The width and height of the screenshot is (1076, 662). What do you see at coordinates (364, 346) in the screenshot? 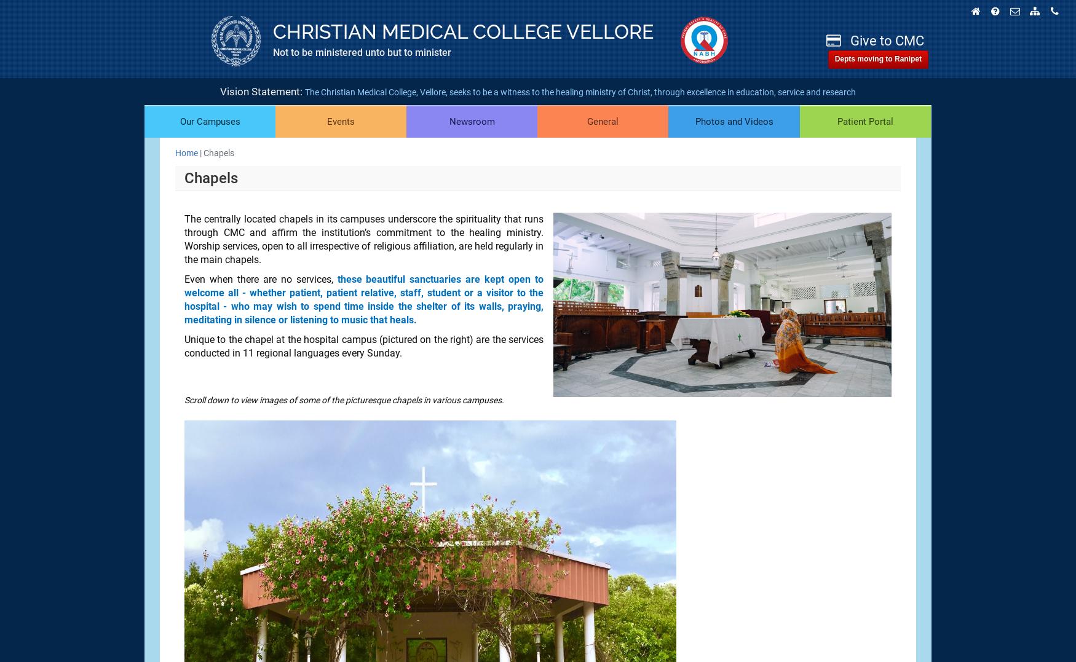
I see `'Unique to the chapel at the hospital campus (pictured on the right) are the services conducted in 11 regional languages every Sunday.'` at bounding box center [364, 346].